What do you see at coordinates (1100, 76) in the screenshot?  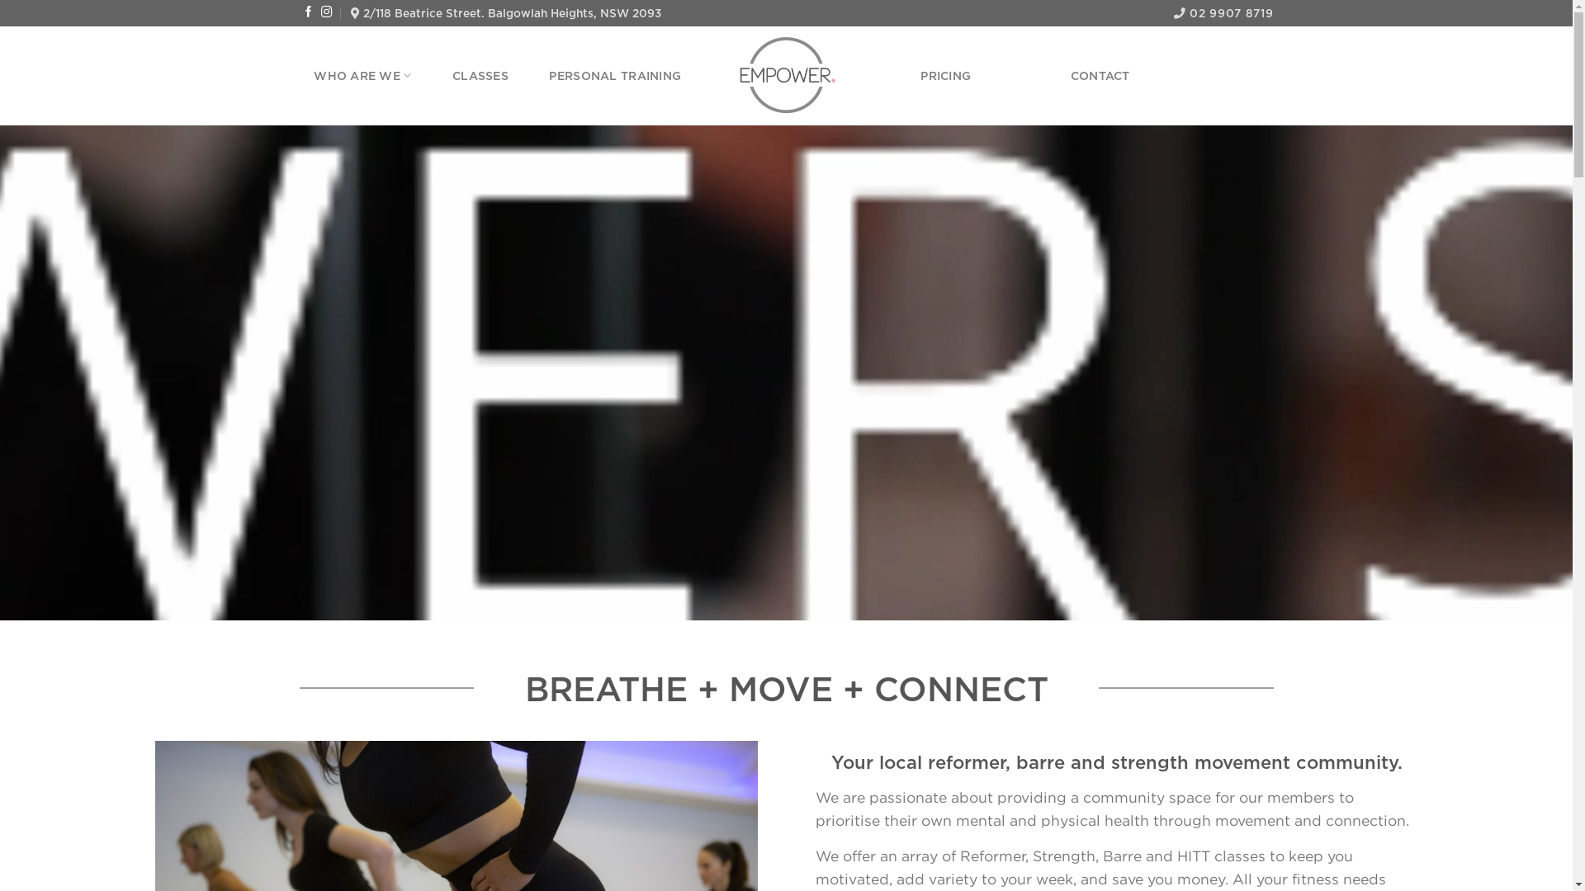 I see `'CONTACT'` at bounding box center [1100, 76].